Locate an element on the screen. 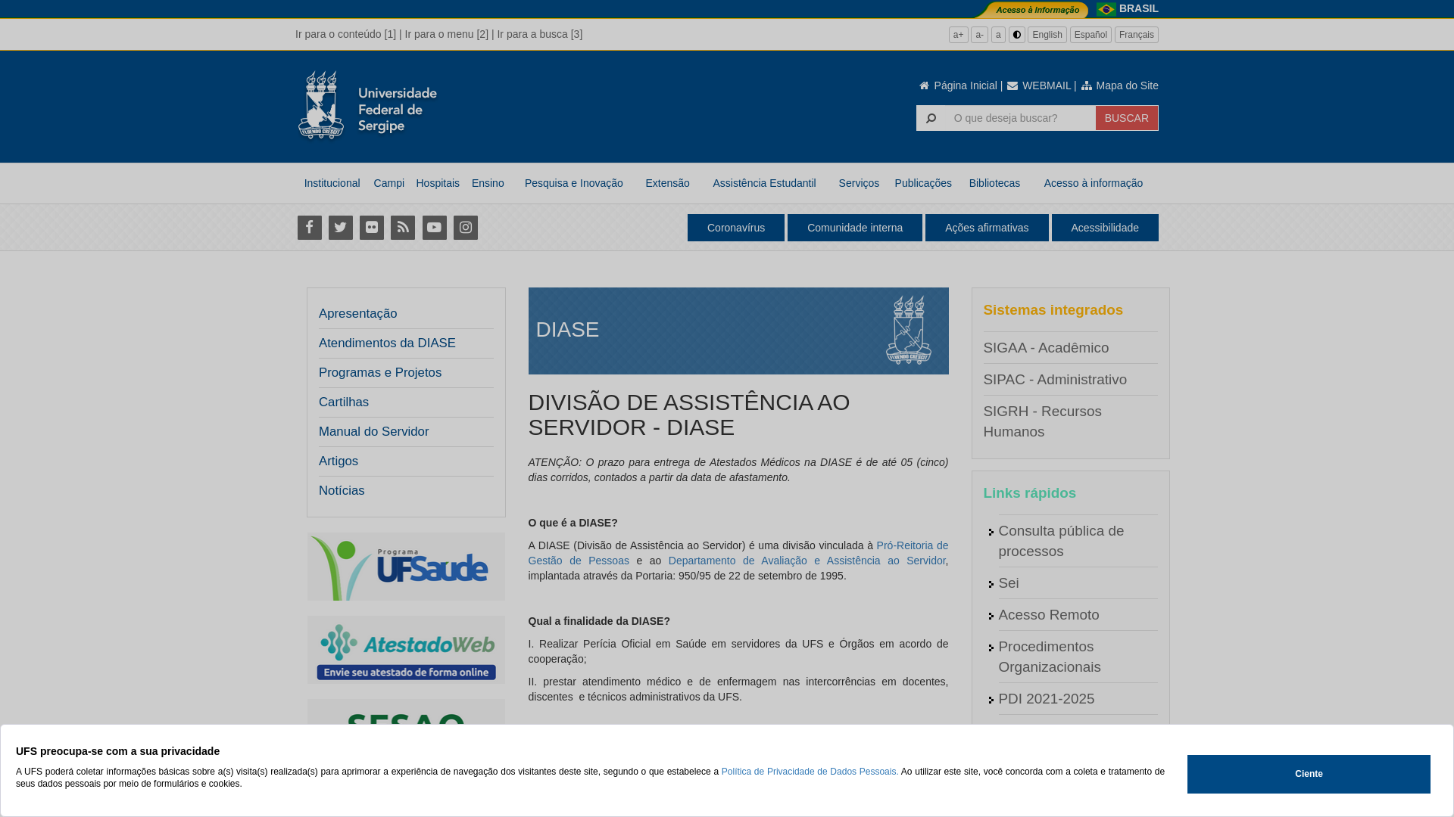 The height and width of the screenshot is (817, 1454). 'Sei' is located at coordinates (998, 582).